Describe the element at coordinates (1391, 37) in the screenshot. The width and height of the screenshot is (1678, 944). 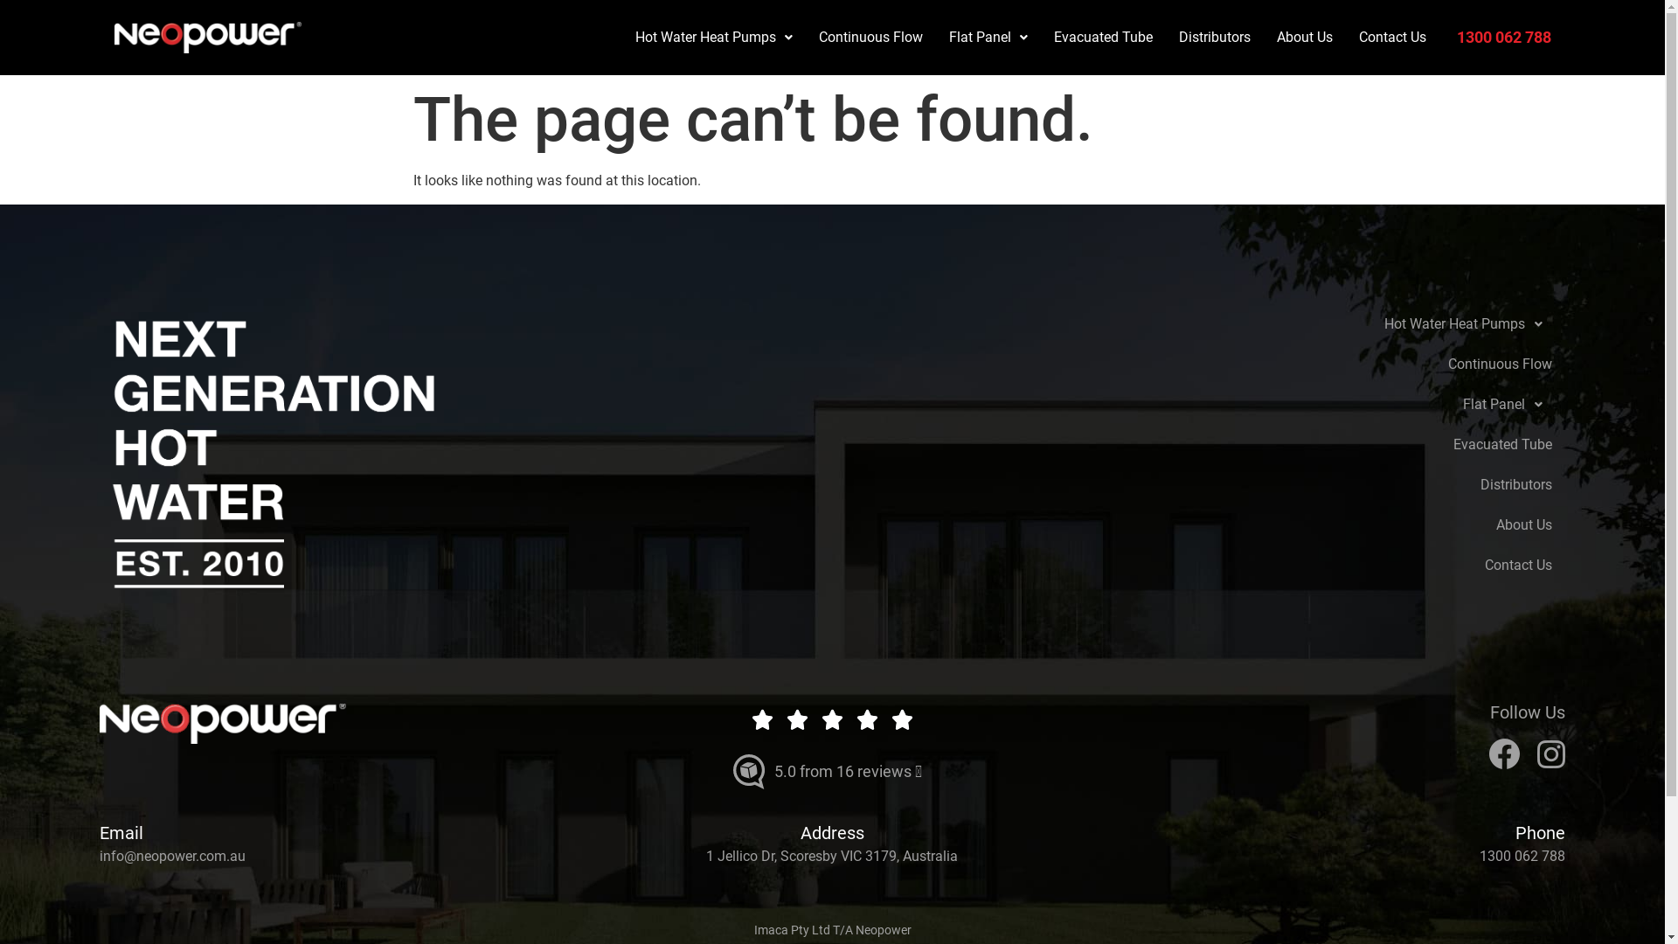
I see `'Contact Us'` at that location.